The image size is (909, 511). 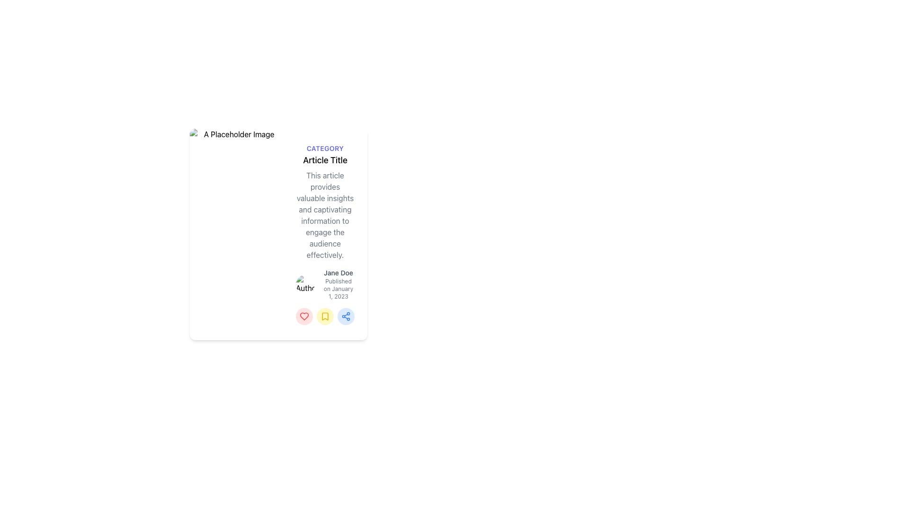 What do you see at coordinates (304, 316) in the screenshot?
I see `the first circular button with a red background and a heart icon` at bounding box center [304, 316].